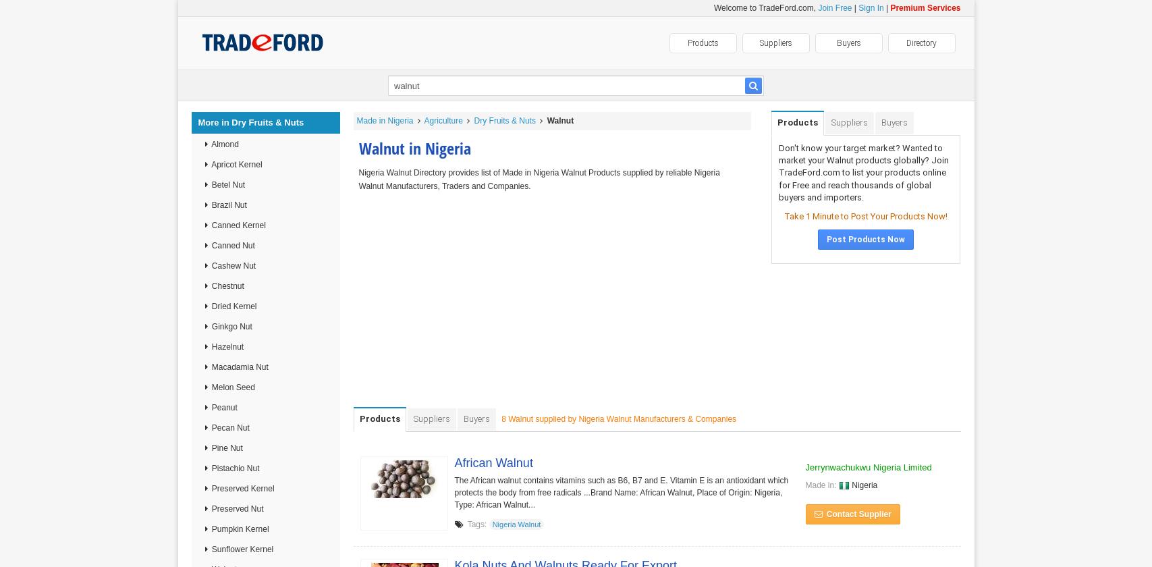  I want to click on 'Brazil Nut', so click(227, 205).